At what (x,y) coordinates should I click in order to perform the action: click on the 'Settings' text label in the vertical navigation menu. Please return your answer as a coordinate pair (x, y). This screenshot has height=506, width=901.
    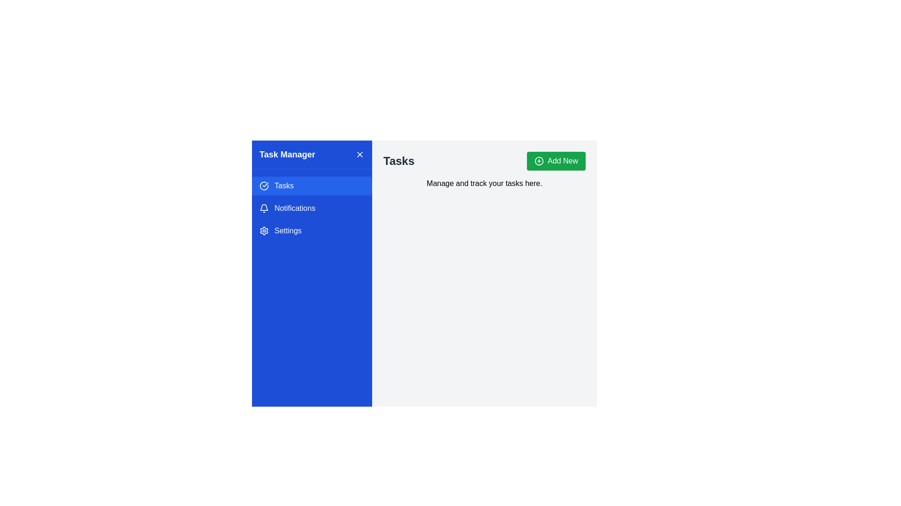
    Looking at the image, I should click on (287, 231).